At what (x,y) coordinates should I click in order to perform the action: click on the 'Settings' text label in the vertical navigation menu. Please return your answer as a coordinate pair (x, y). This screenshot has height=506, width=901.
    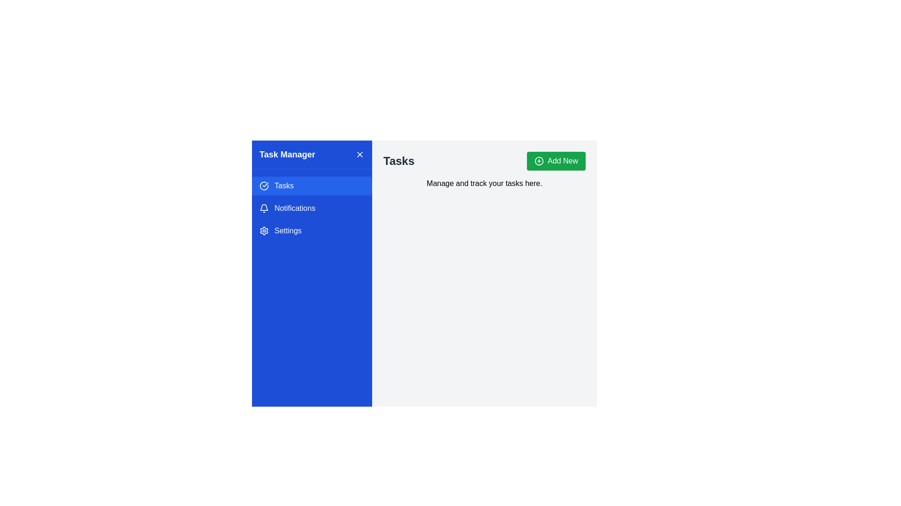
    Looking at the image, I should click on (287, 231).